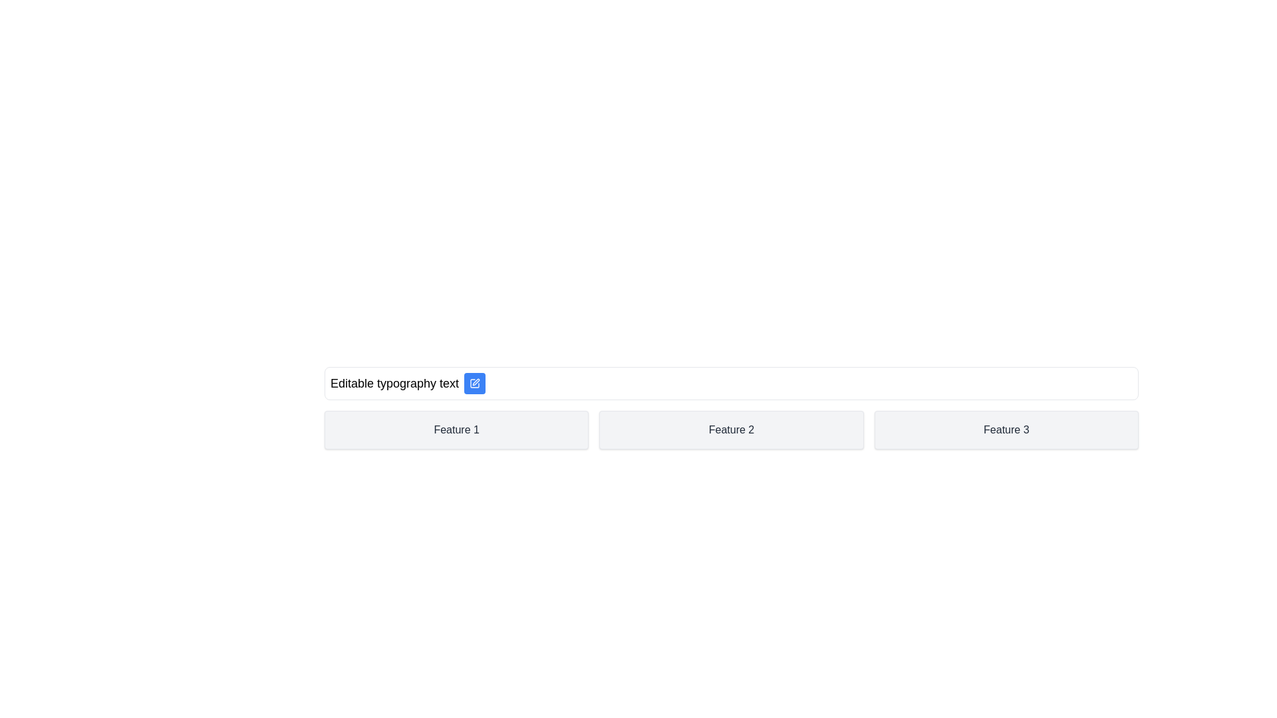 This screenshot has height=718, width=1277. I want to click on the static text label representing 'Feature 2', which is located at the center of the middle card among three horizontally arranged cards, so click(730, 430).